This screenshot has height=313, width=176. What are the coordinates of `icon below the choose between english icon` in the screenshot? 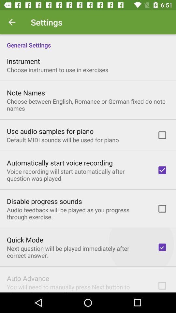 It's located at (50, 131).